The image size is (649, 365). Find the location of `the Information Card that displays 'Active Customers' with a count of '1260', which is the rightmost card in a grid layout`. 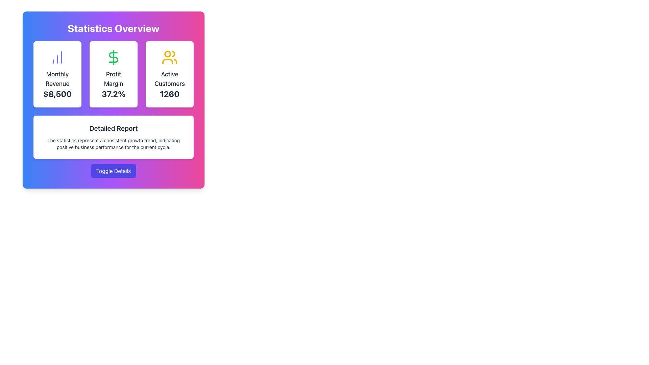

the Information Card that displays 'Active Customers' with a count of '1260', which is the rightmost card in a grid layout is located at coordinates (170, 74).